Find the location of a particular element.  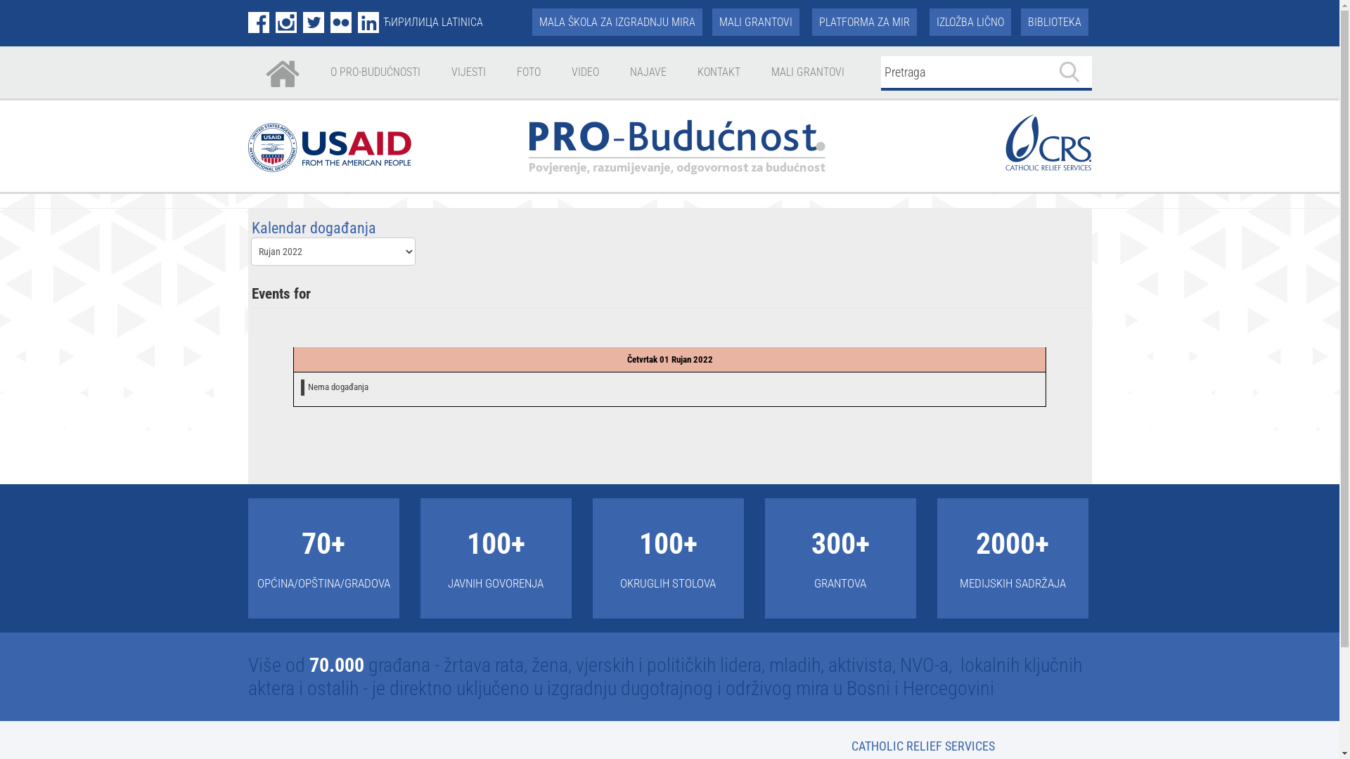

'BIBLIOTEKA' is located at coordinates (1054, 22).